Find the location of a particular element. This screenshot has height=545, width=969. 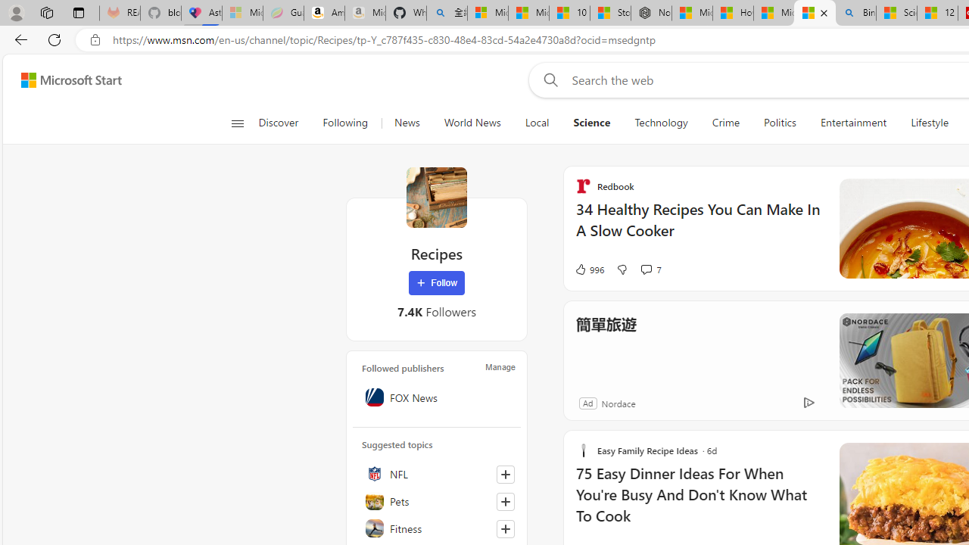

'Bing' is located at coordinates (855, 13).